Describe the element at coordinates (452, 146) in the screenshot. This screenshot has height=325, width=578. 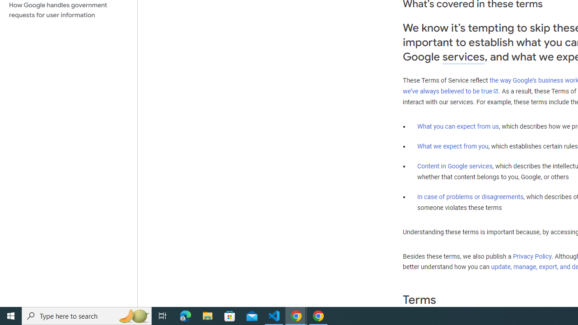
I see `'What we expect from you'` at that location.